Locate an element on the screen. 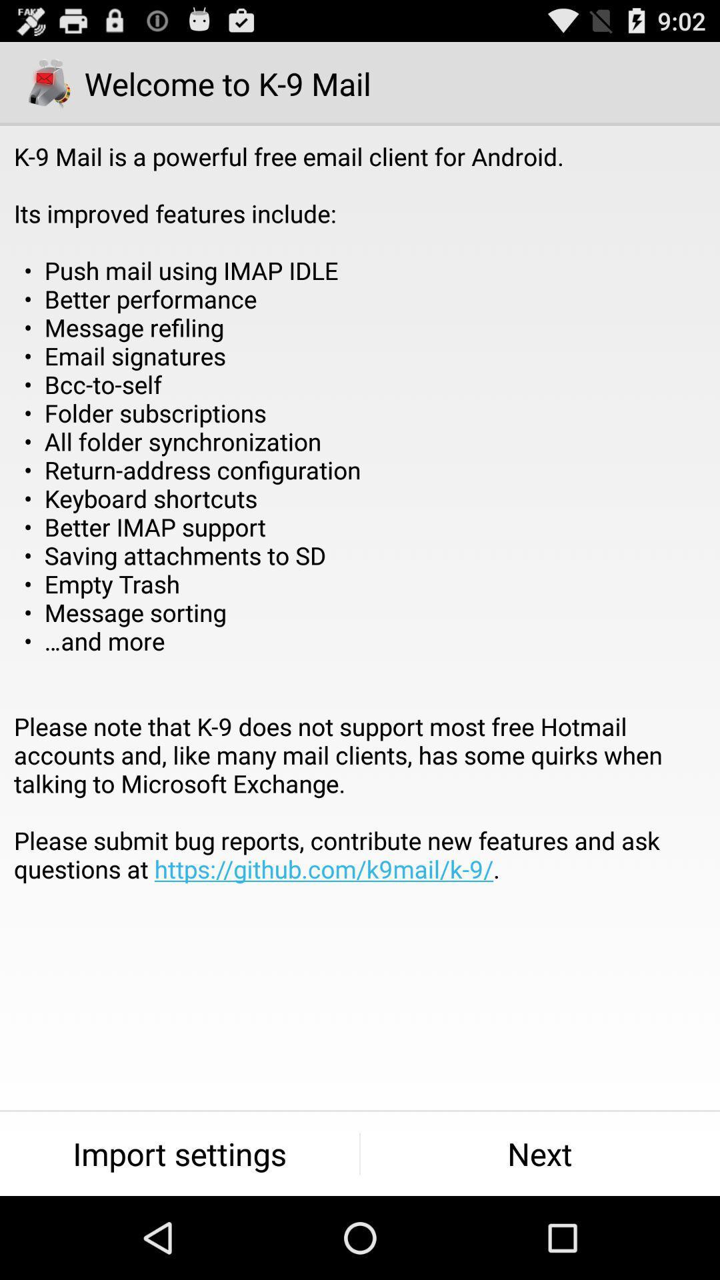 This screenshot has height=1280, width=720. the icon at the bottom left corner is located at coordinates (179, 1153).